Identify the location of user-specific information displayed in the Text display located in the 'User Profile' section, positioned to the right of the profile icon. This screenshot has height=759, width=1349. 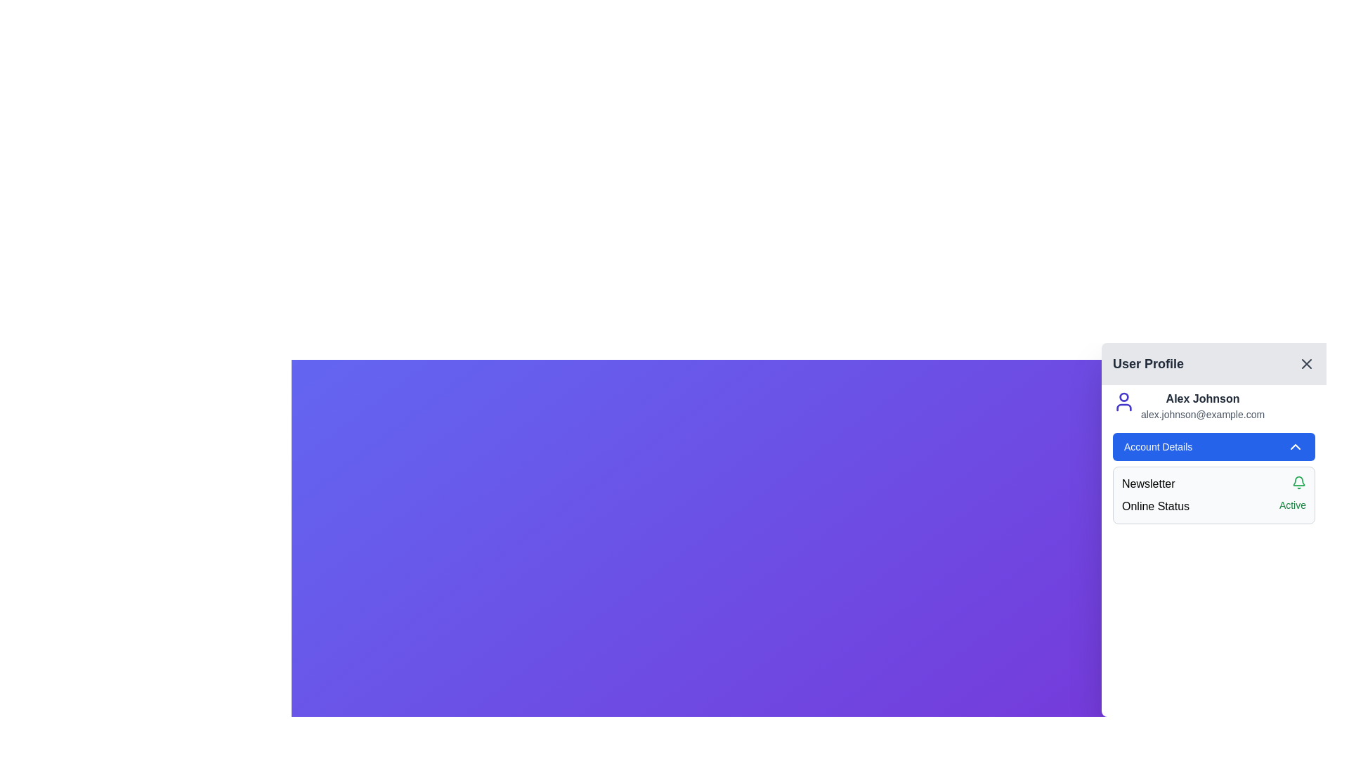
(1202, 406).